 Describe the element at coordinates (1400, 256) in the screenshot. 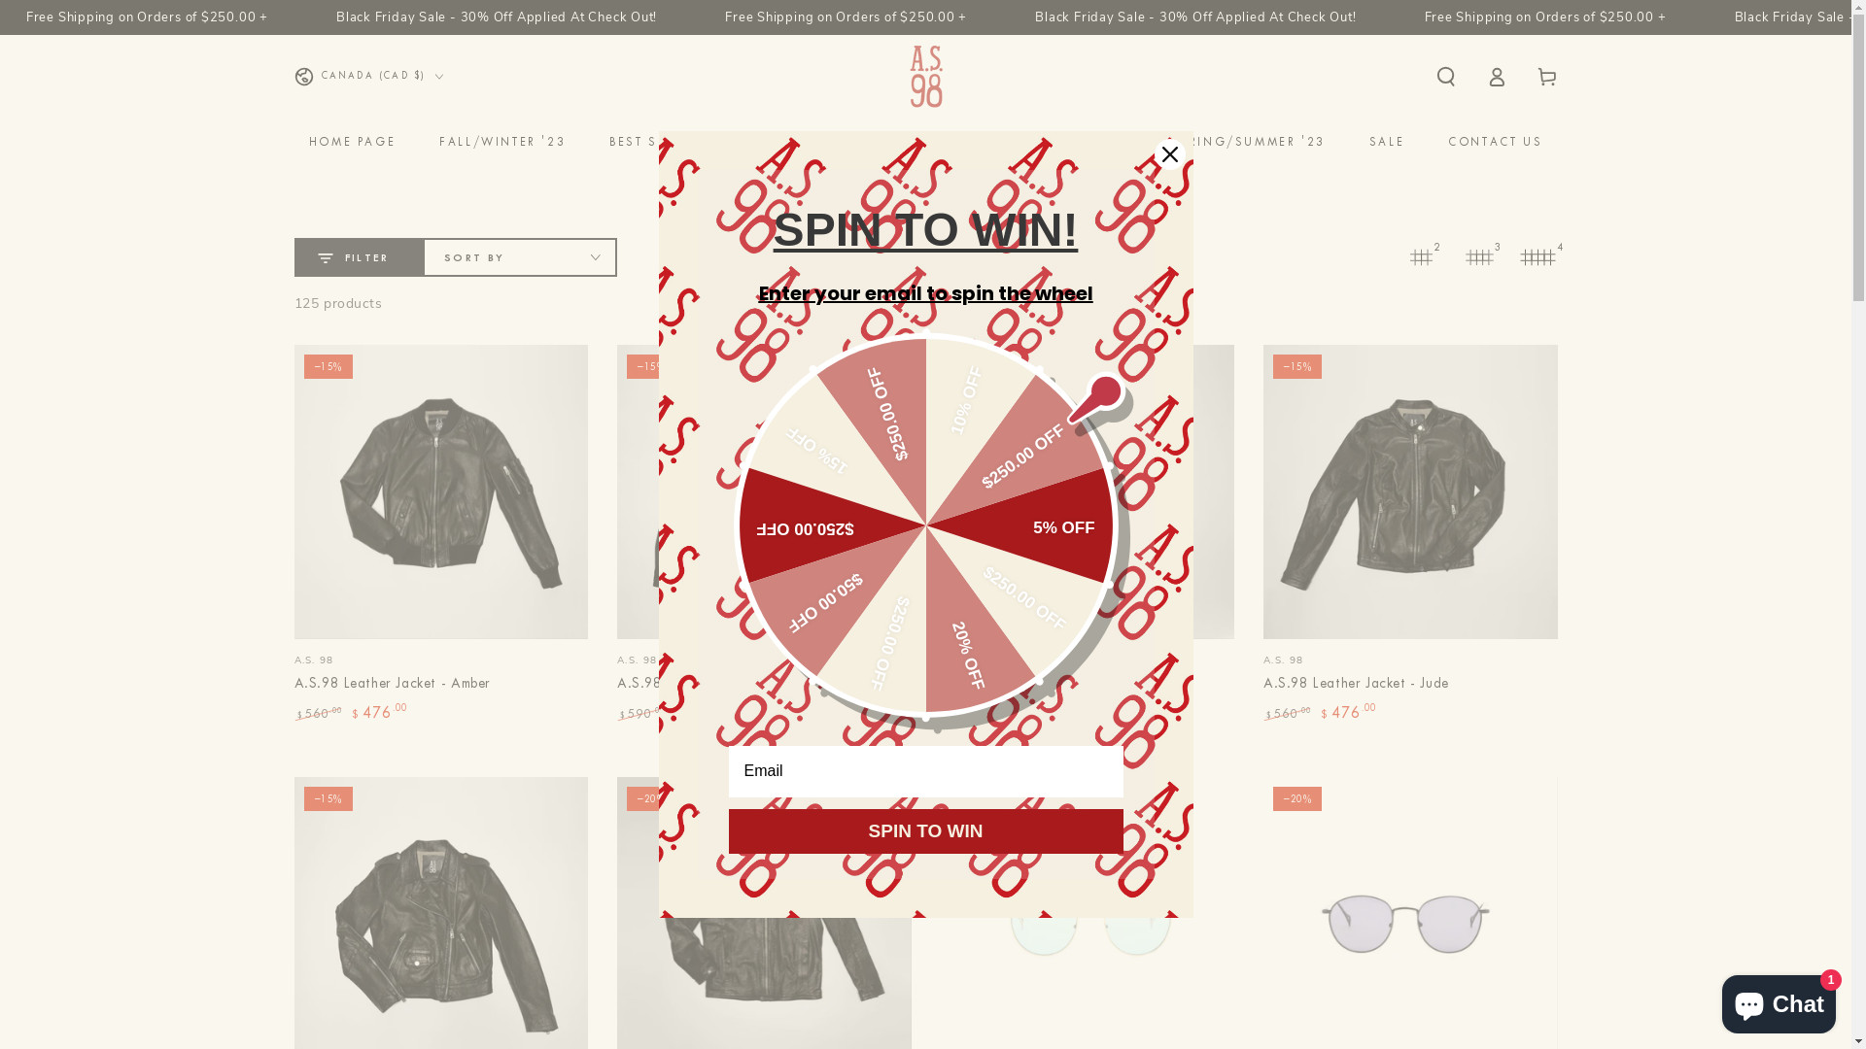

I see `'2'` at that location.